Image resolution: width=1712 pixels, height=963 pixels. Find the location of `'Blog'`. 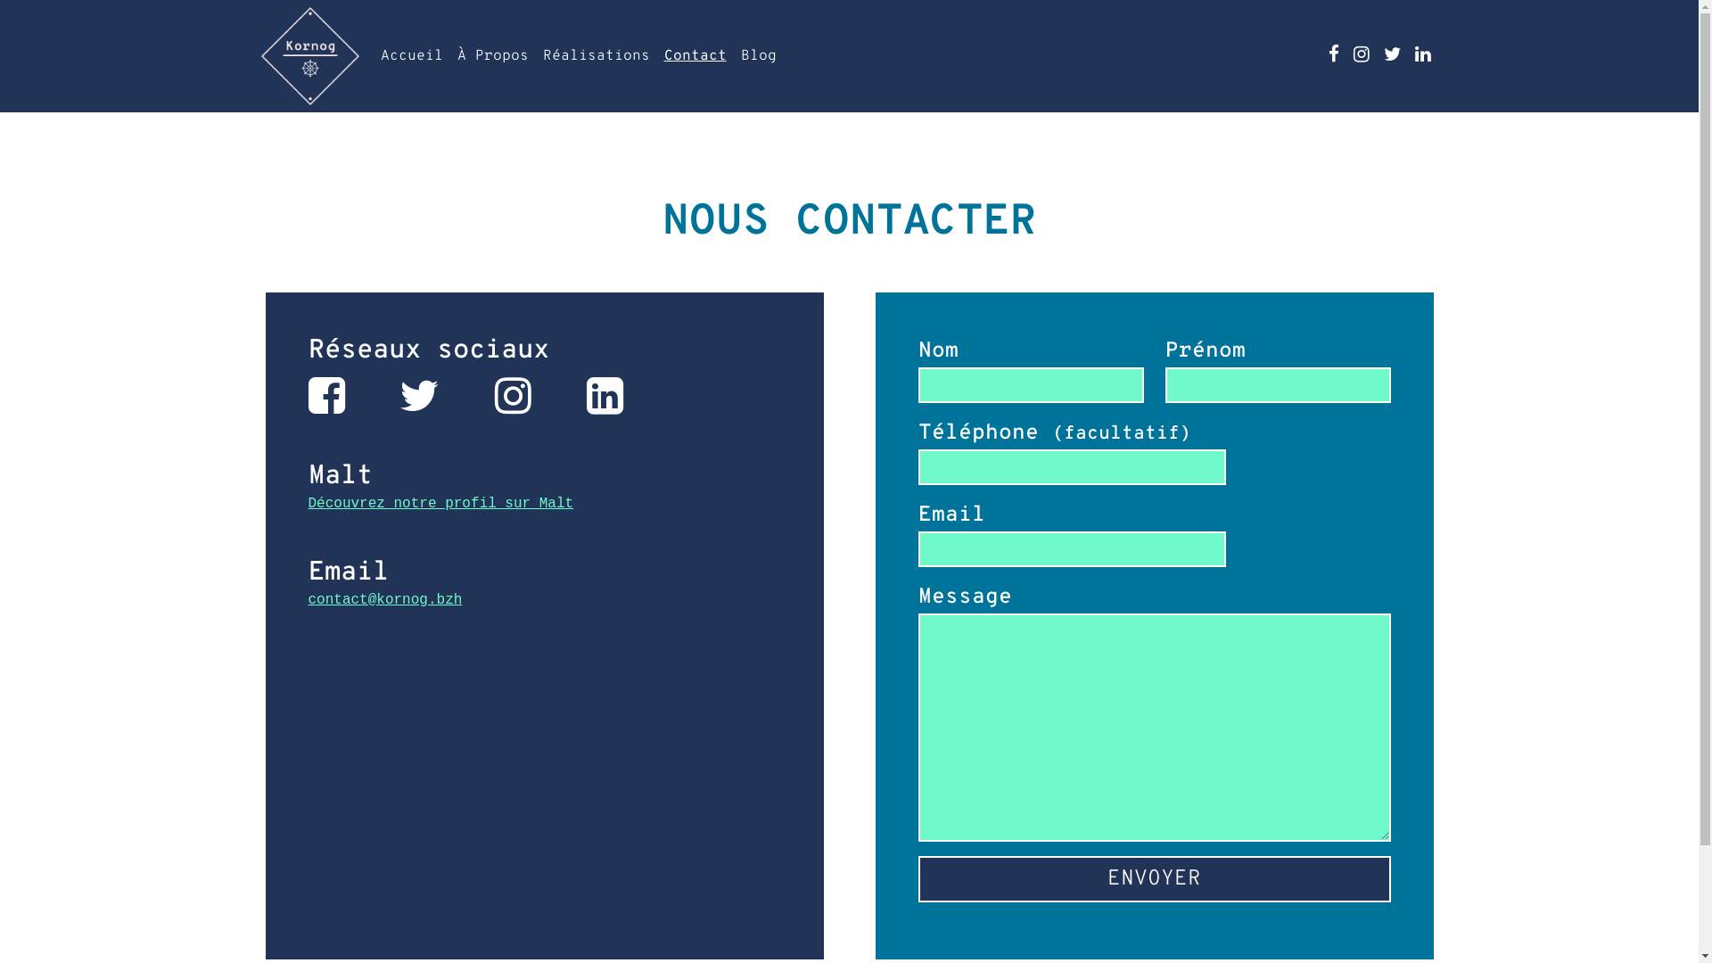

'Blog' is located at coordinates (757, 54).